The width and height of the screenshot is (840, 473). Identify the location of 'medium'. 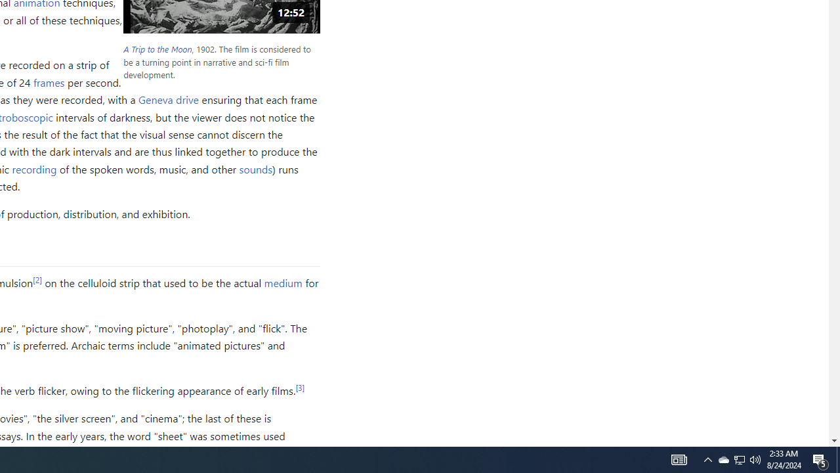
(282, 281).